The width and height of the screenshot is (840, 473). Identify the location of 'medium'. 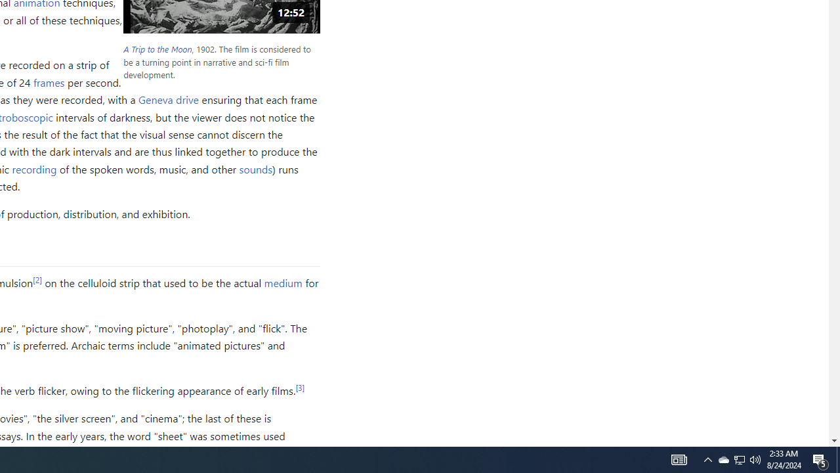
(282, 281).